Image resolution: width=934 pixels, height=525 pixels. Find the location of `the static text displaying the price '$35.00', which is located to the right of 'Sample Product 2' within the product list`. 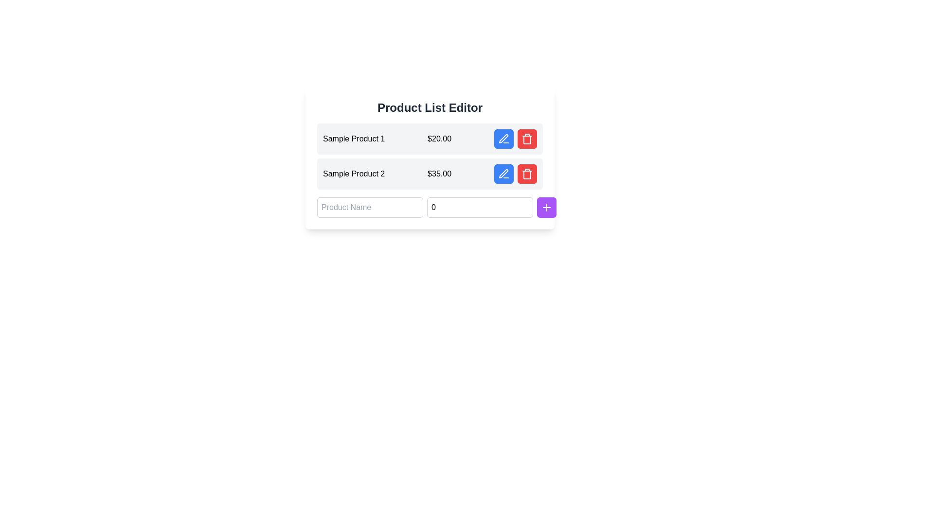

the static text displaying the price '$35.00', which is located to the right of 'Sample Product 2' within the product list is located at coordinates (439, 174).